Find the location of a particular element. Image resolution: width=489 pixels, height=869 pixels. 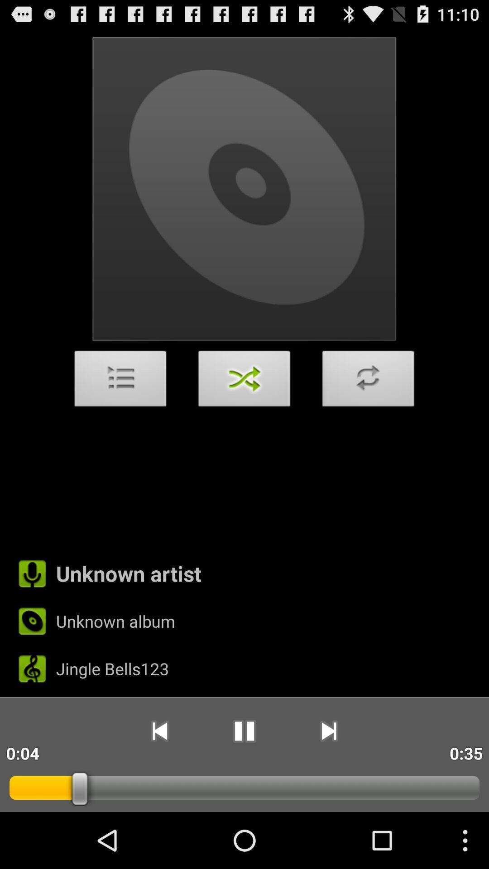

app to the right of 0:12 icon is located at coordinates (159, 731).